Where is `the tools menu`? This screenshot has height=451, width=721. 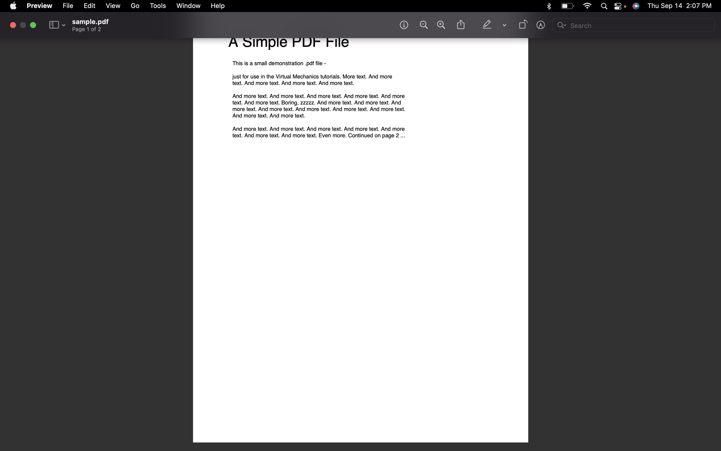 the tools menu is located at coordinates (159, 6).